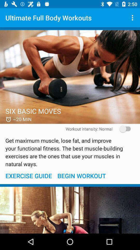  I want to click on video, so click(70, 77).